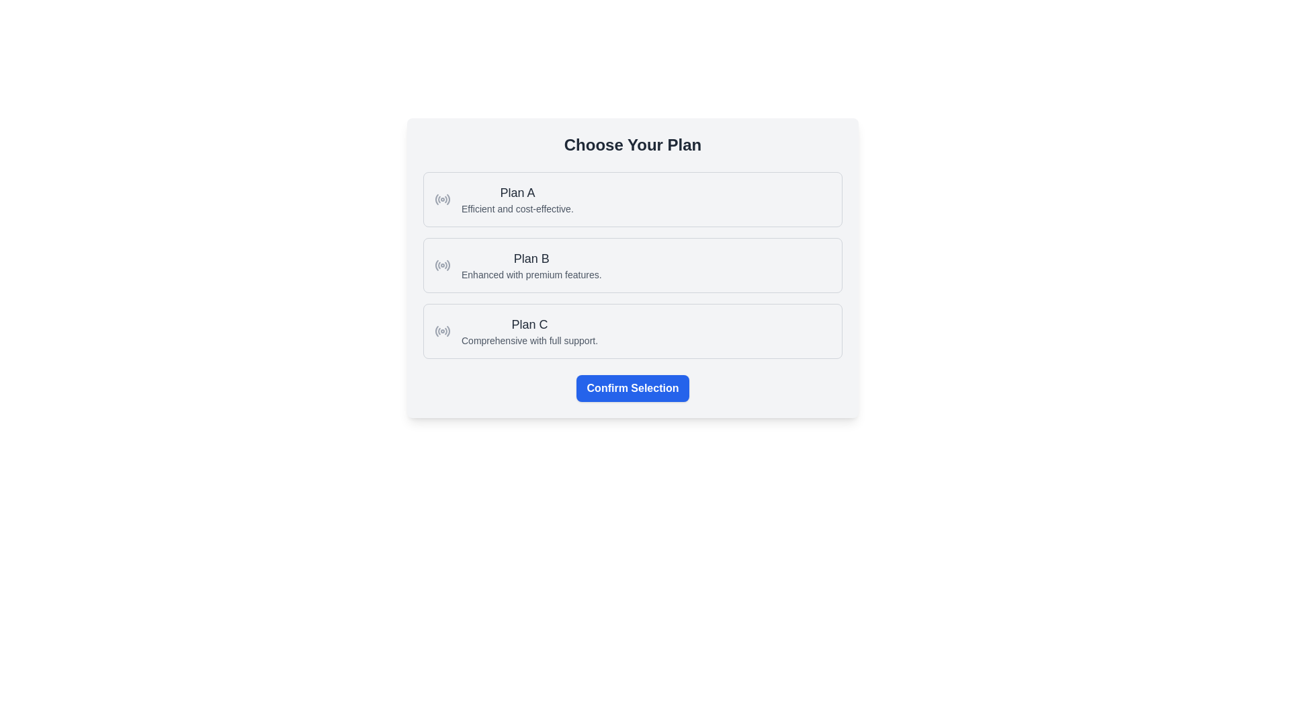 Image resolution: width=1290 pixels, height=726 pixels. What do you see at coordinates (529, 331) in the screenshot?
I see `the Text display area that shows details of 'Plan C', the third option in the list of plan choices` at bounding box center [529, 331].